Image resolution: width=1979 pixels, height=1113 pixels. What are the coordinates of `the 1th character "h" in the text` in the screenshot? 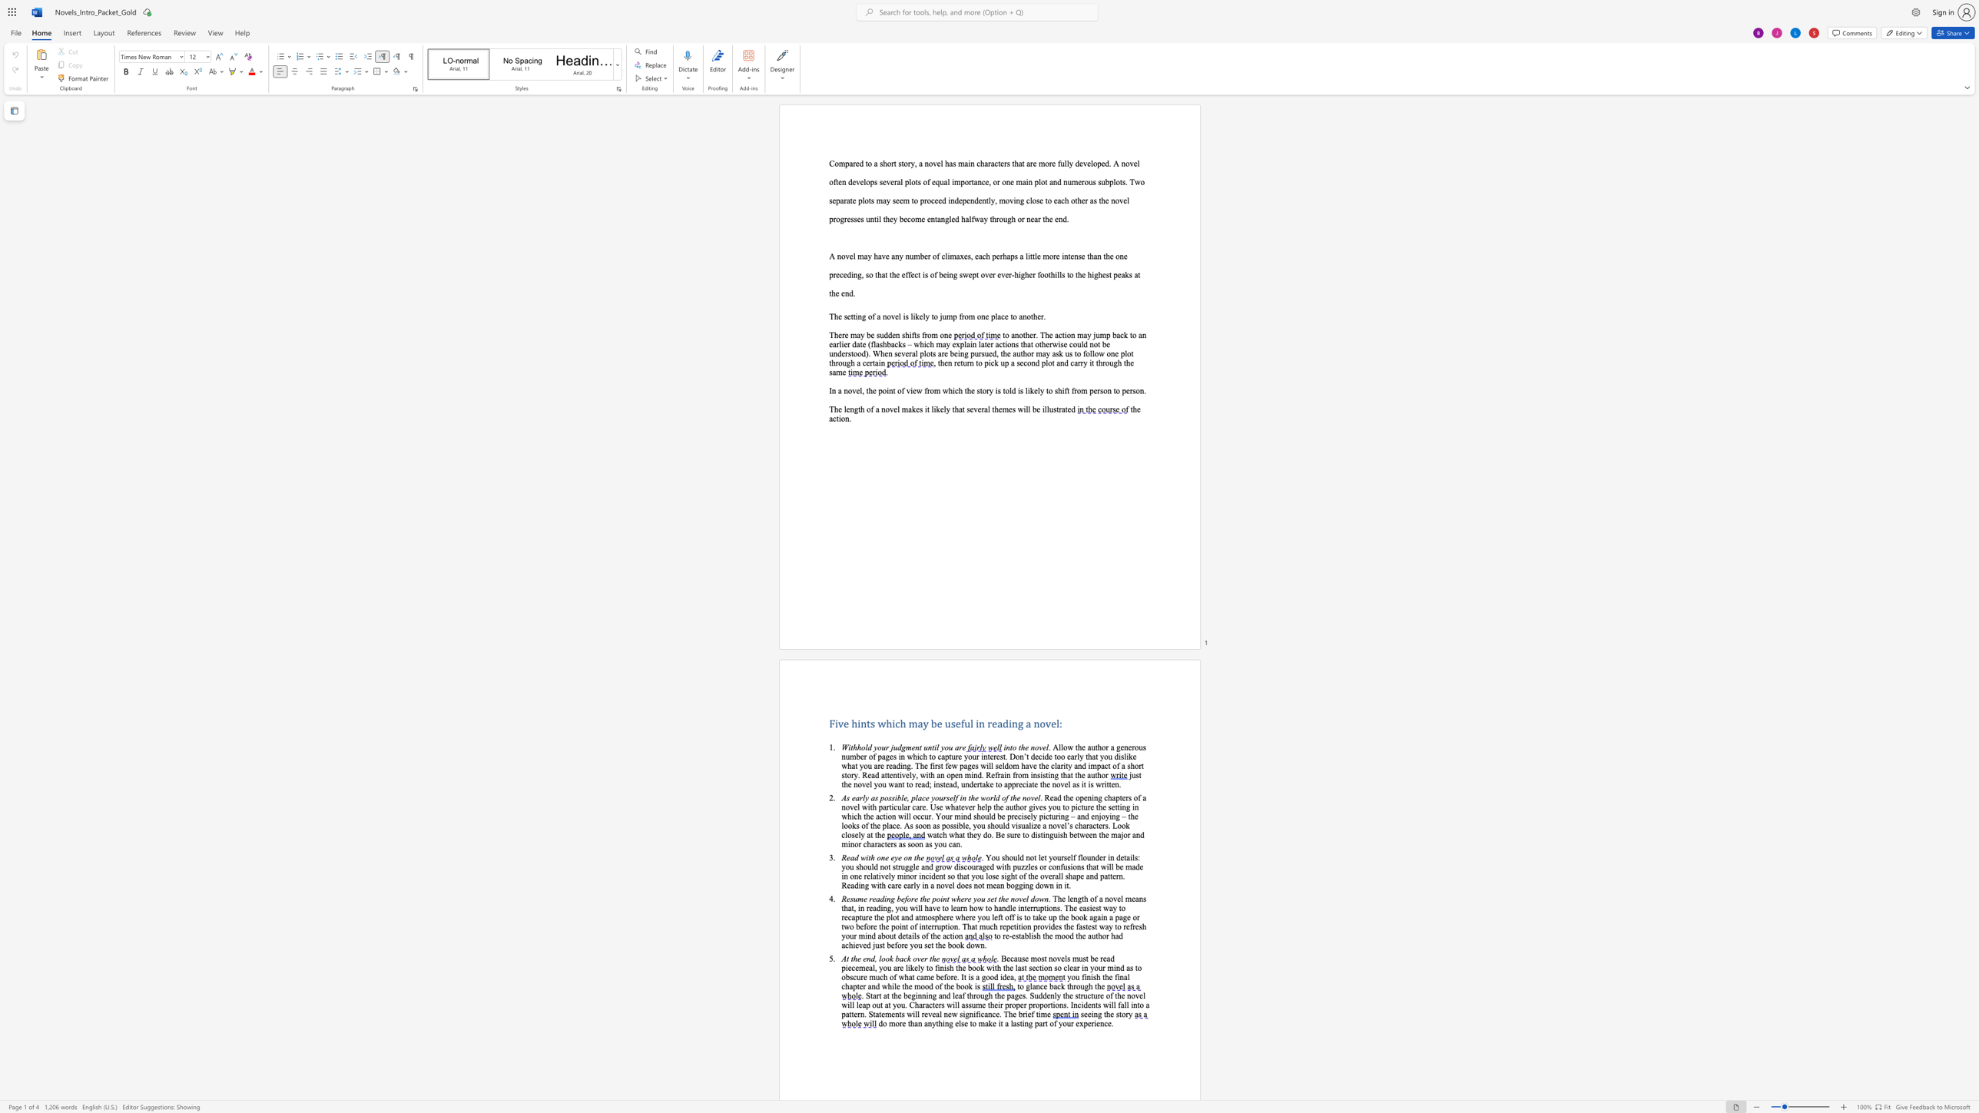 It's located at (1023, 747).